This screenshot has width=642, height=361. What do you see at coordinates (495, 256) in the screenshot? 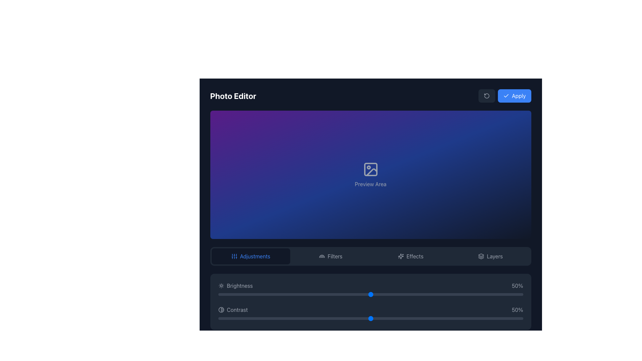
I see `the 'Layers' text label, which is styled in light gray and located on the rightmost side of the menu bar` at bounding box center [495, 256].